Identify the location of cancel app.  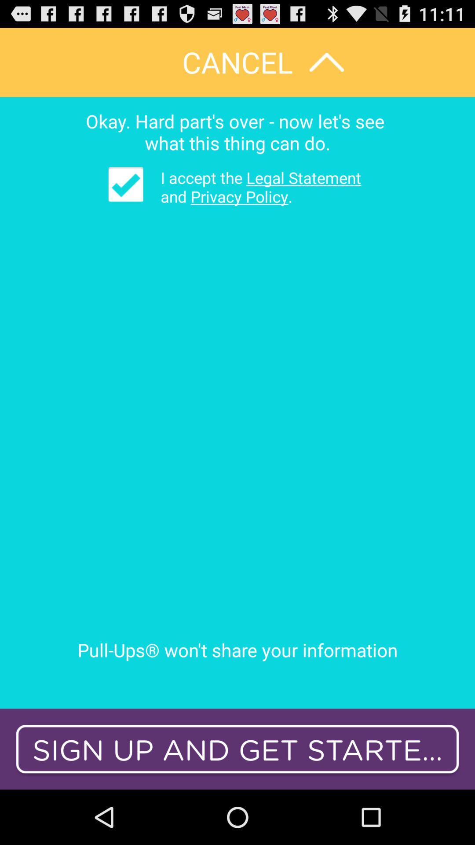
(237, 62).